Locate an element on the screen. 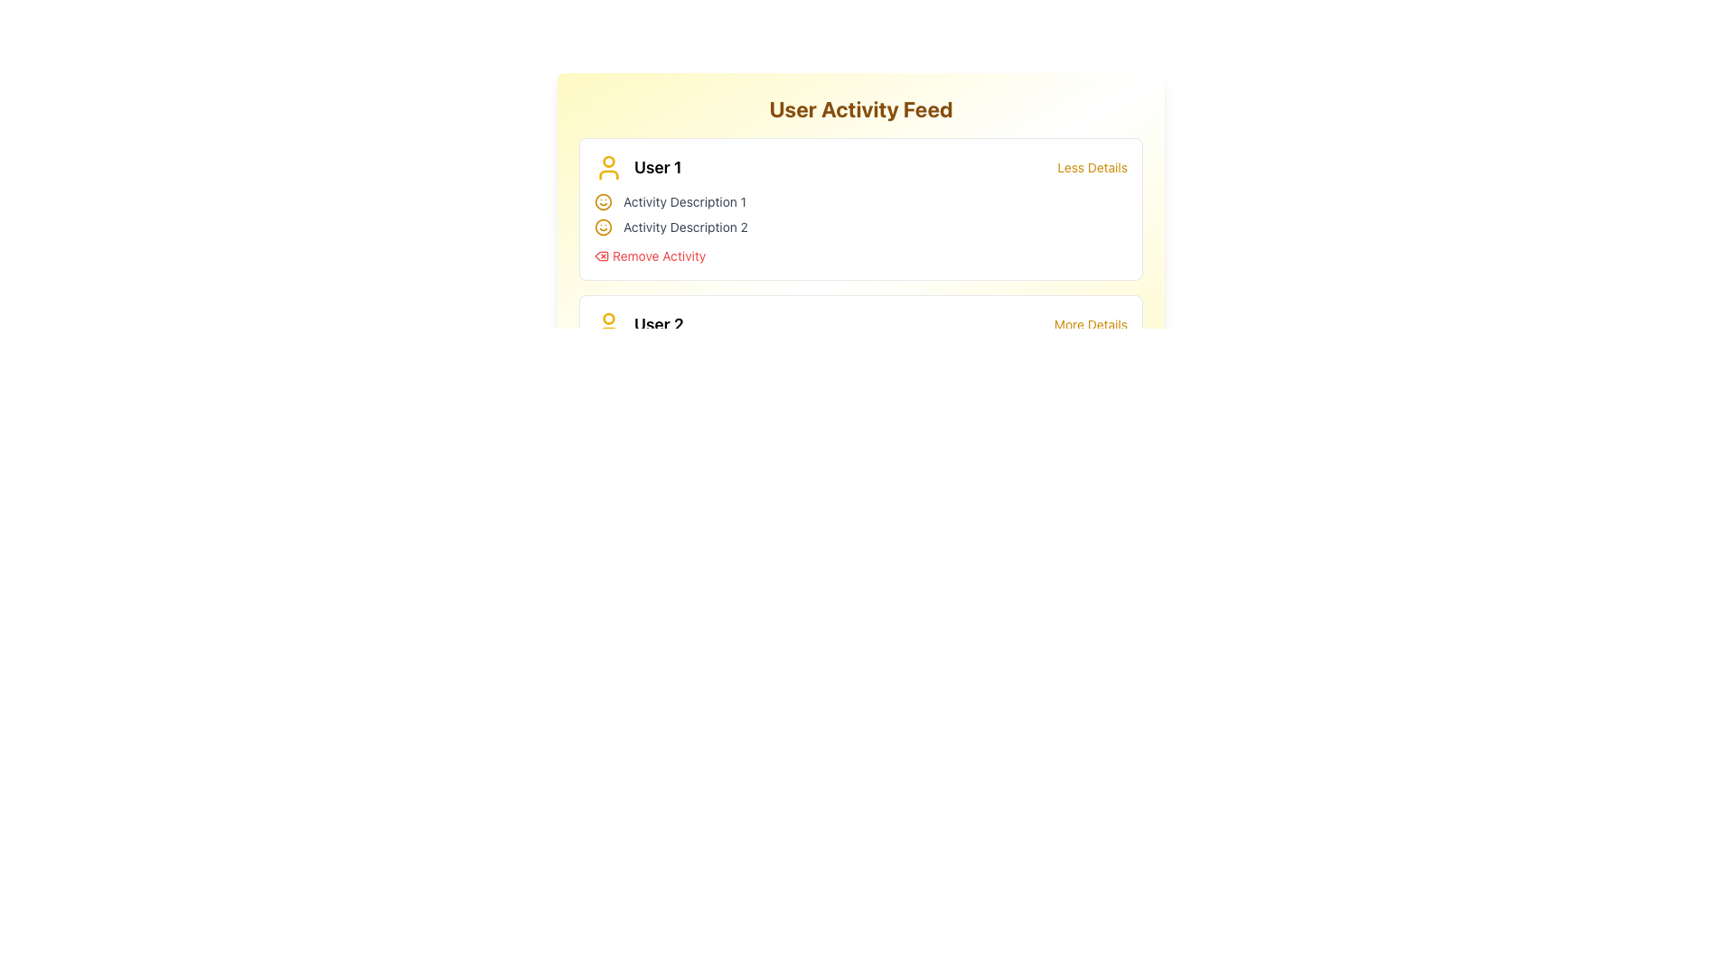 The height and width of the screenshot is (975, 1735). the non-interactive text label that identifies the user in the second row of the activity feed, located next to the user icon is located at coordinates (658, 323).